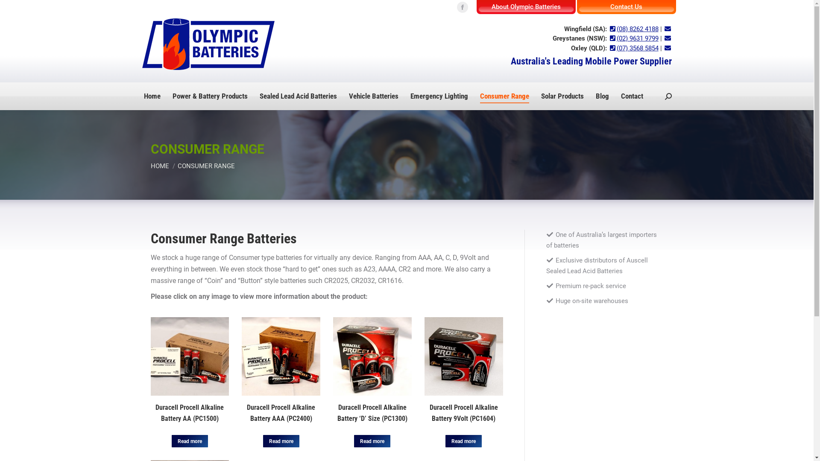  Describe the element at coordinates (601, 96) in the screenshot. I see `'Blog'` at that location.